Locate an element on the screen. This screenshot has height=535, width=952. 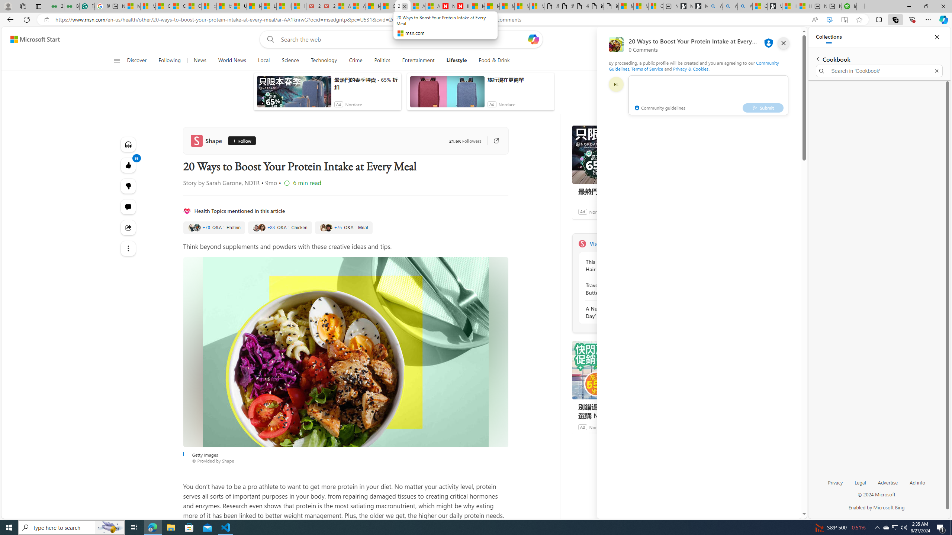
'Profile Picture' is located at coordinates (615, 84).